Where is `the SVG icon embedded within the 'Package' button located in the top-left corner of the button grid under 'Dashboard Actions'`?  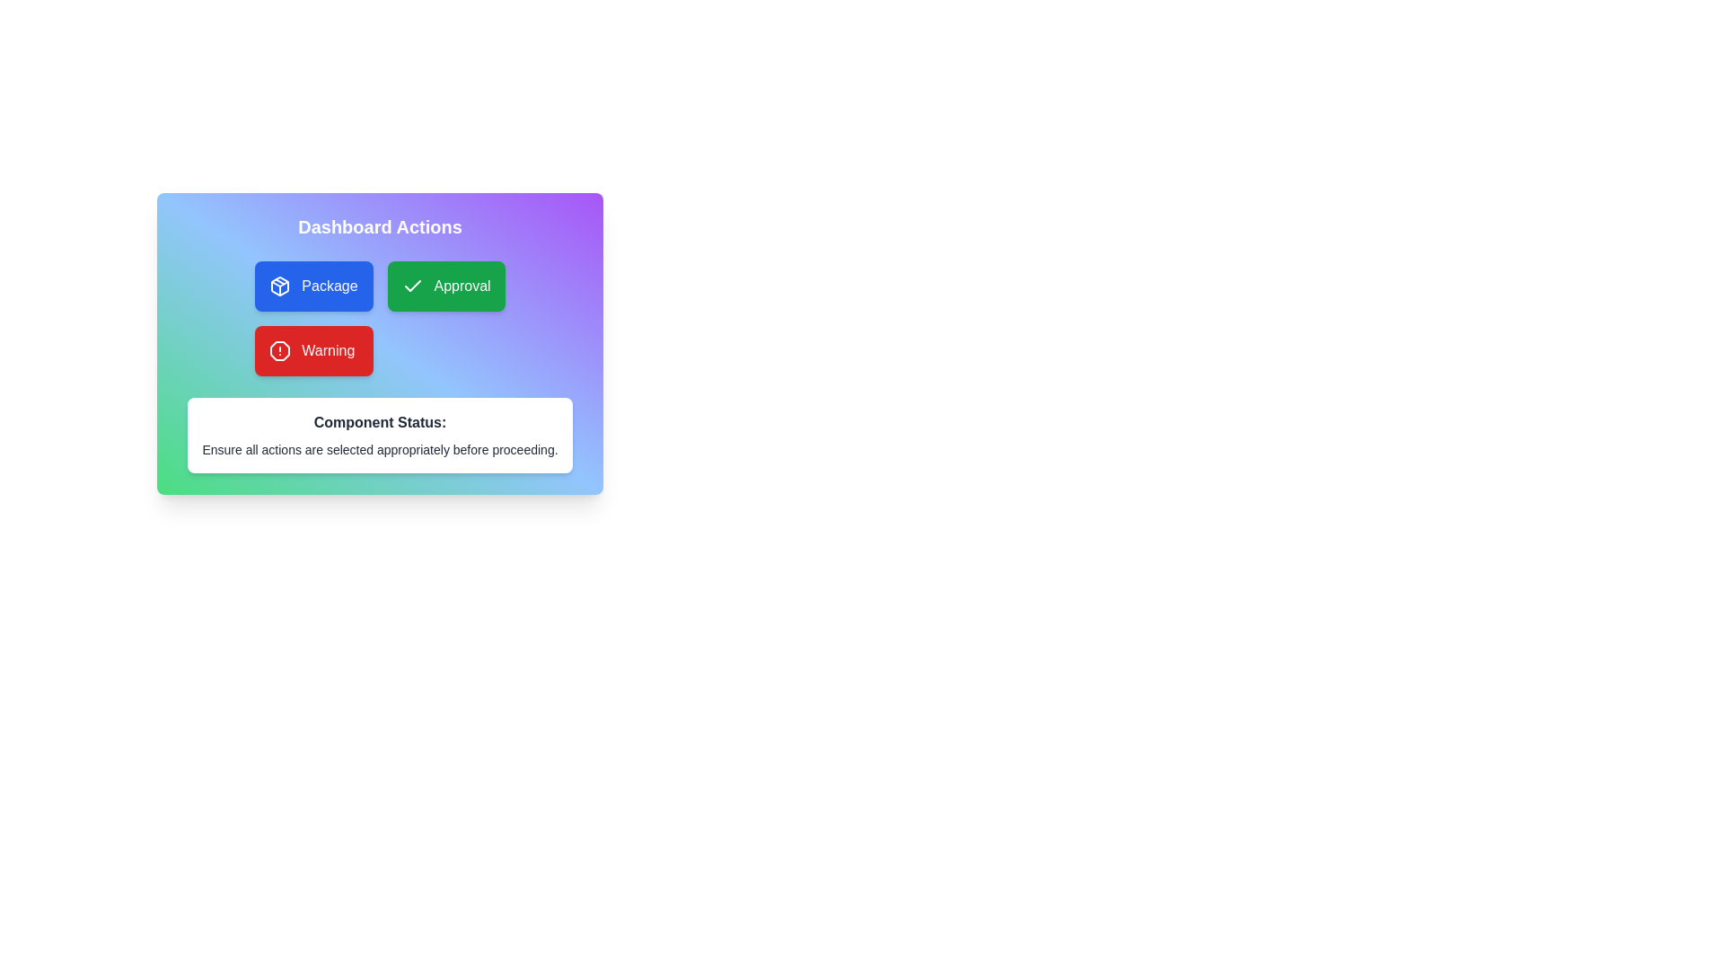
the SVG icon embedded within the 'Package' button located in the top-left corner of the button grid under 'Dashboard Actions' is located at coordinates (279, 286).